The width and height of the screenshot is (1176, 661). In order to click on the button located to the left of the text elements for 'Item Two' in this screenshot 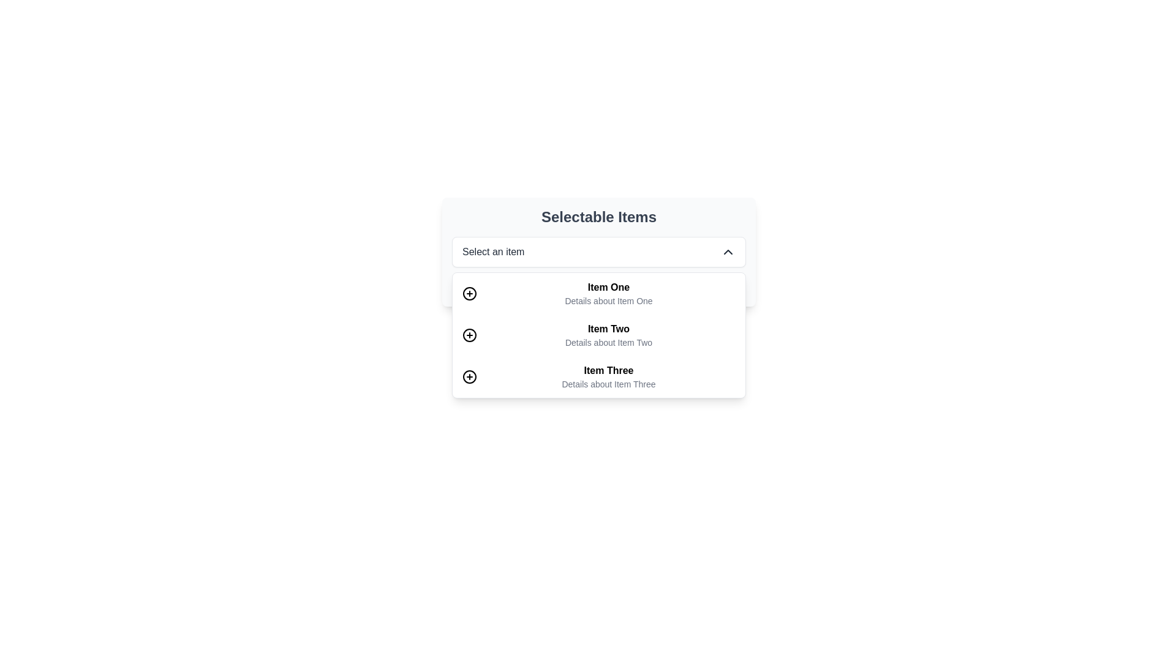, I will do `click(469, 335)`.